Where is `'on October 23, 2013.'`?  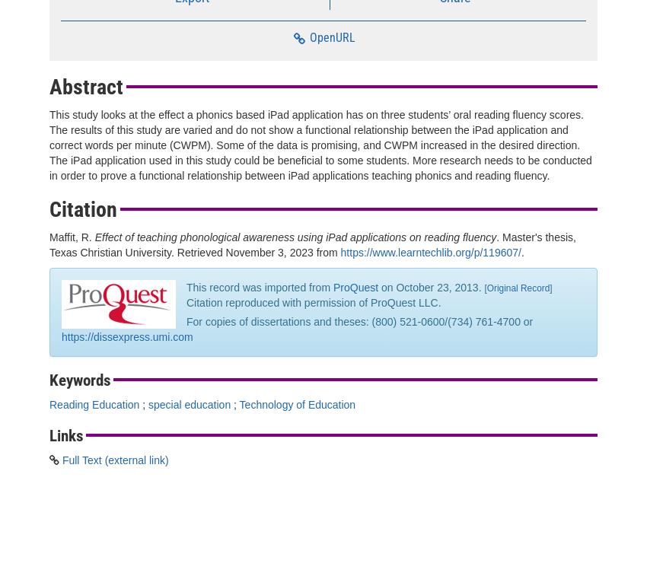 'on October 23, 2013.' is located at coordinates (378, 285).